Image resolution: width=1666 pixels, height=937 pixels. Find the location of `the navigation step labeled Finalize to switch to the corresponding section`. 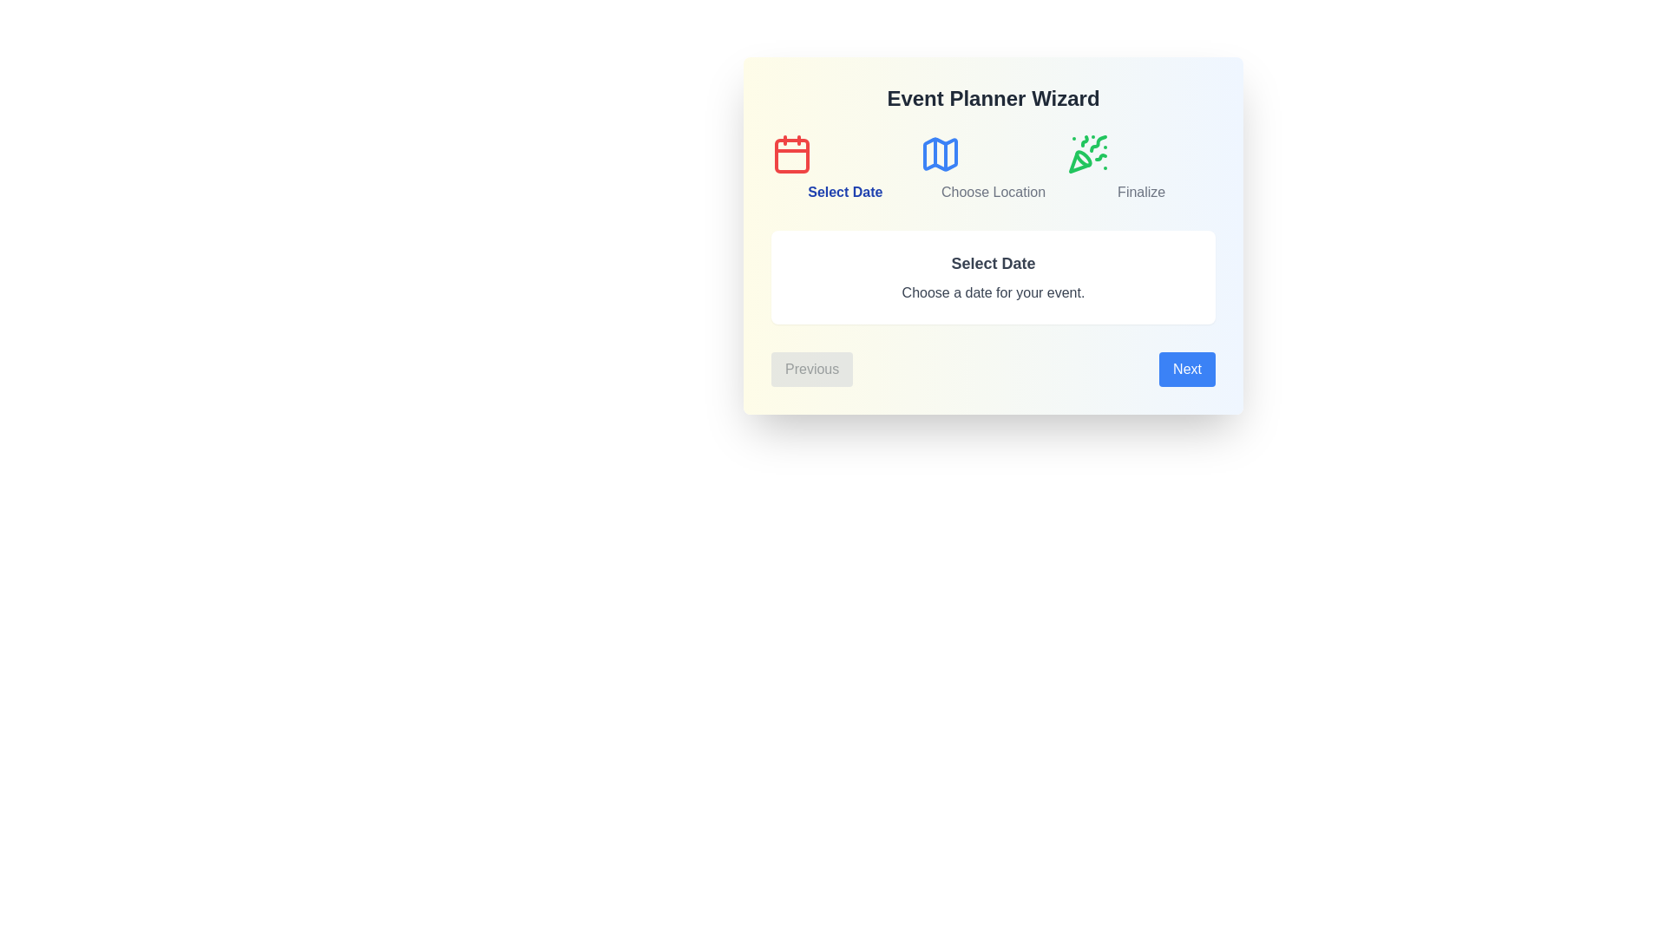

the navigation step labeled Finalize to switch to the corresponding section is located at coordinates (1141, 167).